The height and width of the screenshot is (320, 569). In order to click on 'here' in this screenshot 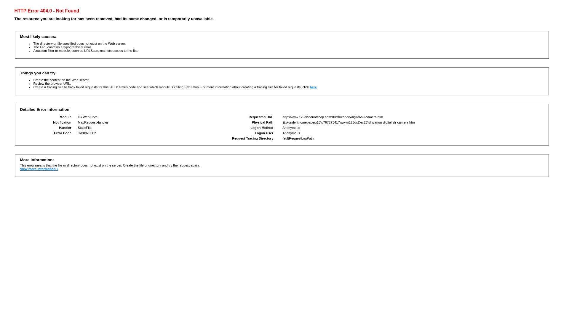, I will do `click(313, 87)`.